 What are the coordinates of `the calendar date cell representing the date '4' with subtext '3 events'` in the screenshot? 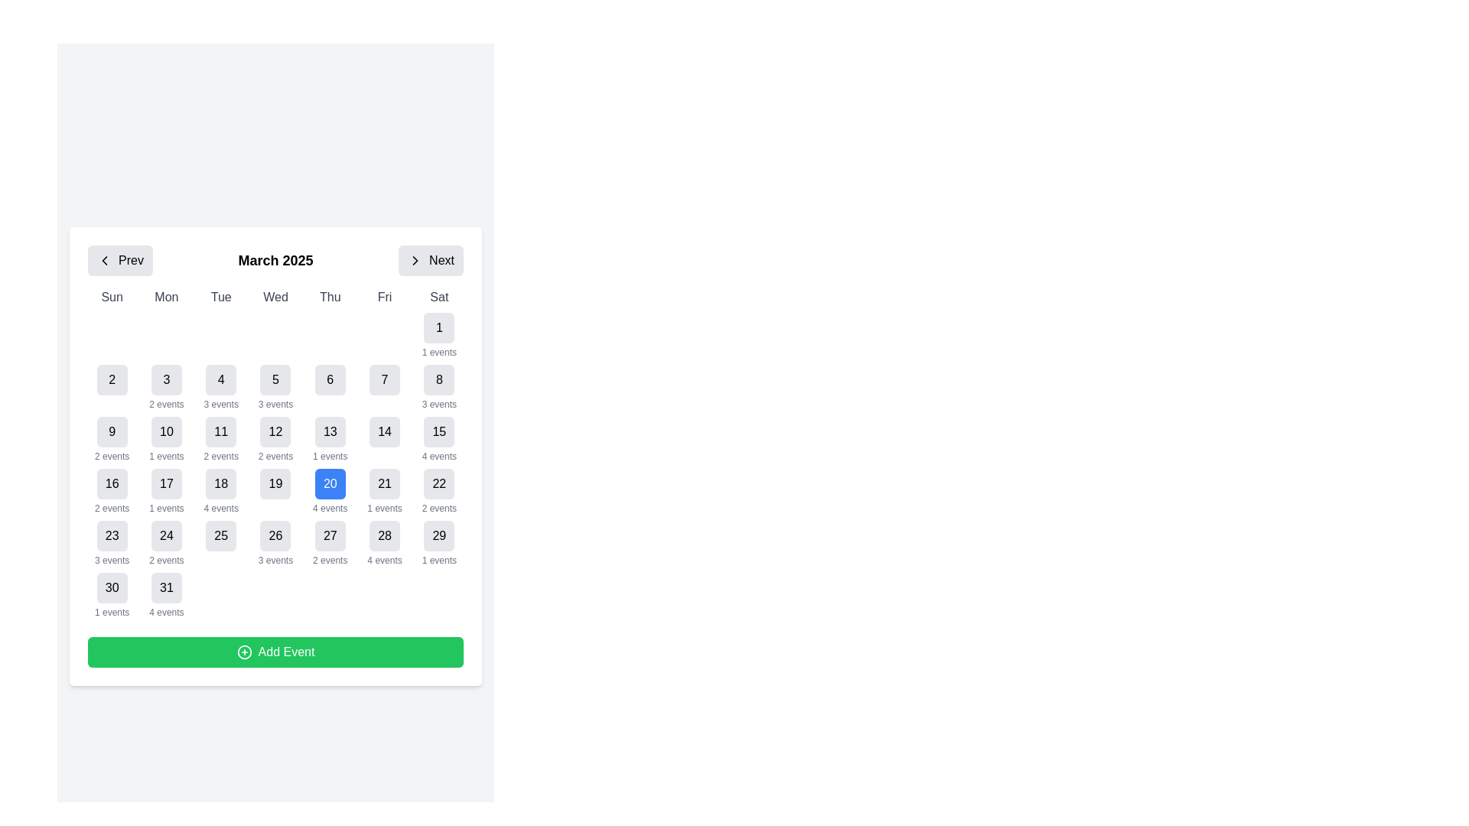 It's located at (220, 386).